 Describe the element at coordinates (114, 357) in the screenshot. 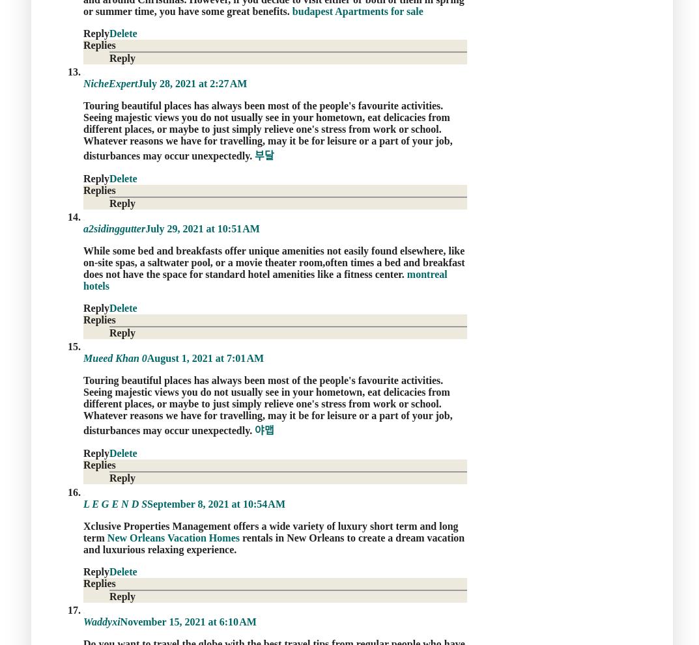

I see `'Mueed Khan 0'` at that location.